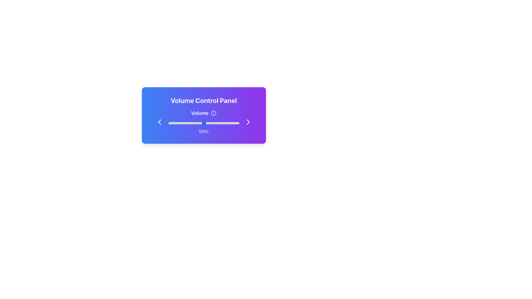 Image resolution: width=532 pixels, height=299 pixels. I want to click on the volume level, so click(196, 123).